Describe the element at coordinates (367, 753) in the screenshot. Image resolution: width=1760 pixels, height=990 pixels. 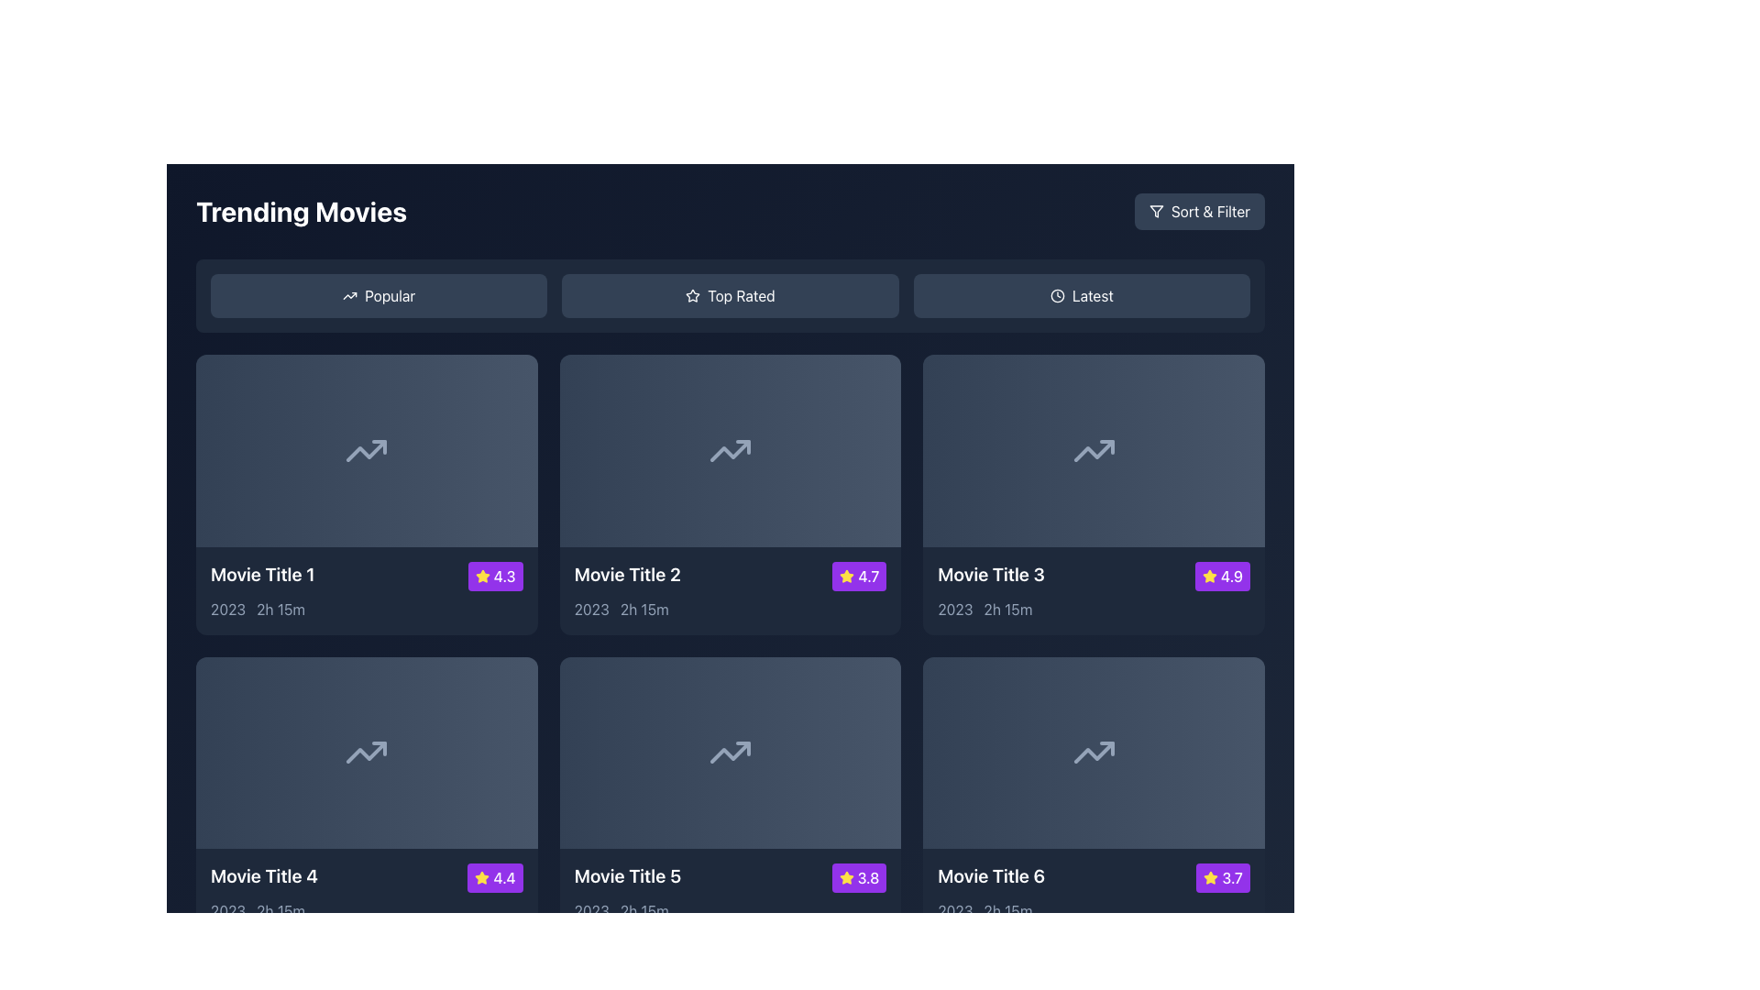
I see `the trending up arrow icon located on the card labeled 'Movie Title 4' in the 'Trending Movies' section` at that location.